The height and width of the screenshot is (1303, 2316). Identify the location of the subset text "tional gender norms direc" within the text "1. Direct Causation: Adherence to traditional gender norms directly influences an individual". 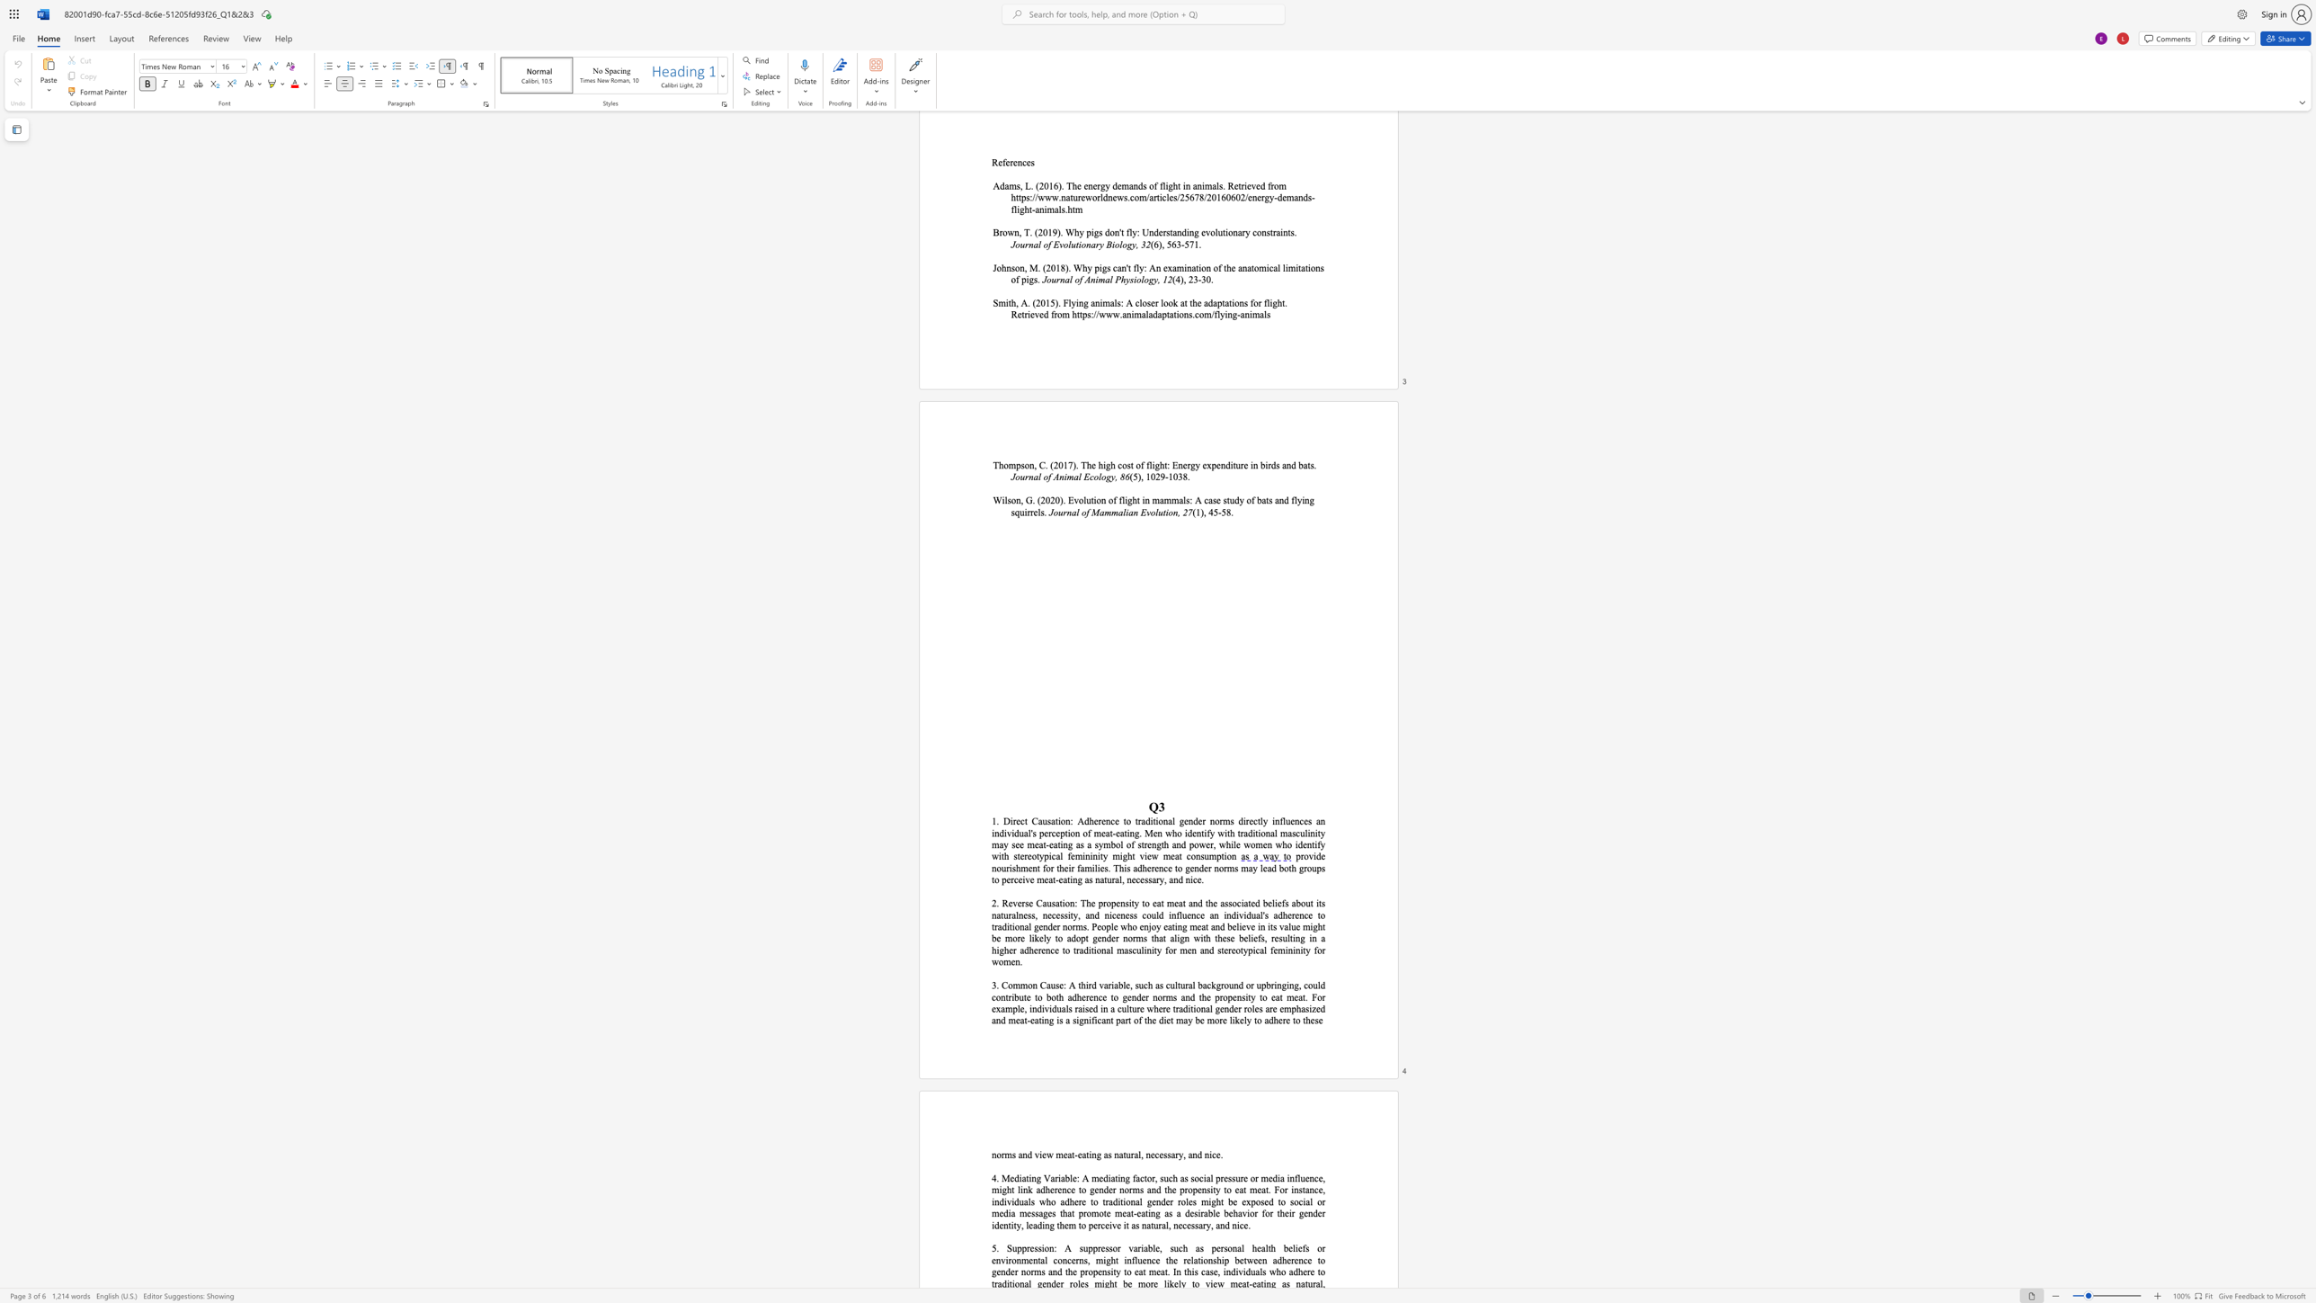
(1152, 820).